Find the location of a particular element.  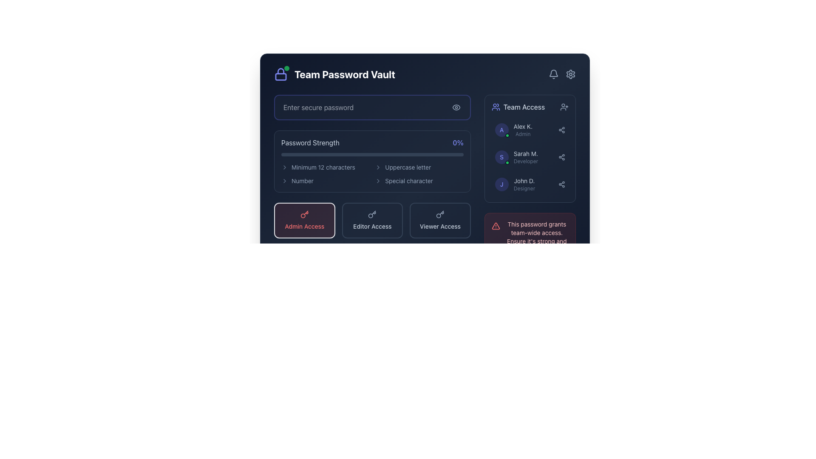

the 'Password Strength' text label, which is displayed in light gray and is part of the password security assessment section is located at coordinates (310, 142).